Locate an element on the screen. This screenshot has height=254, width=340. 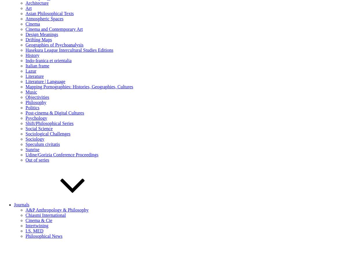
'Italian frame' is located at coordinates (37, 65).